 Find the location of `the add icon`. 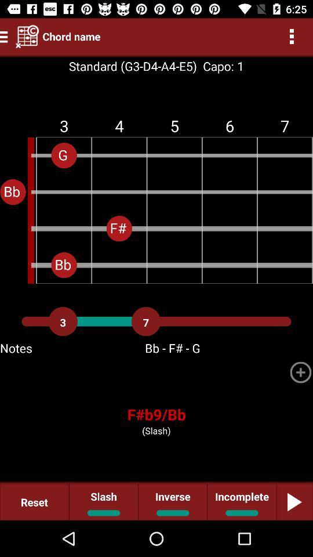

the add icon is located at coordinates (300, 371).